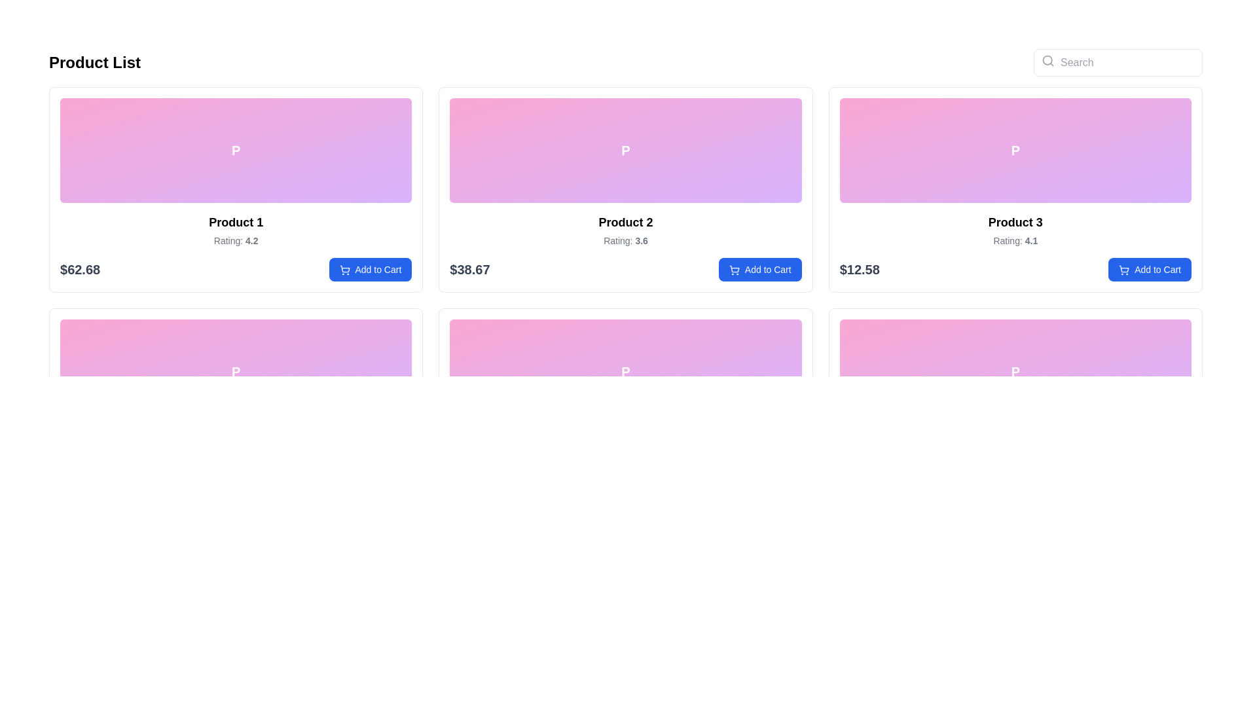 Image resolution: width=1257 pixels, height=707 pixels. What do you see at coordinates (1015, 240) in the screenshot?
I see `the text label displaying 'Rating: 4.1' which is prominently located within the product card for 'Product 3', positioned below the product title and above the price '$12.58'` at bounding box center [1015, 240].